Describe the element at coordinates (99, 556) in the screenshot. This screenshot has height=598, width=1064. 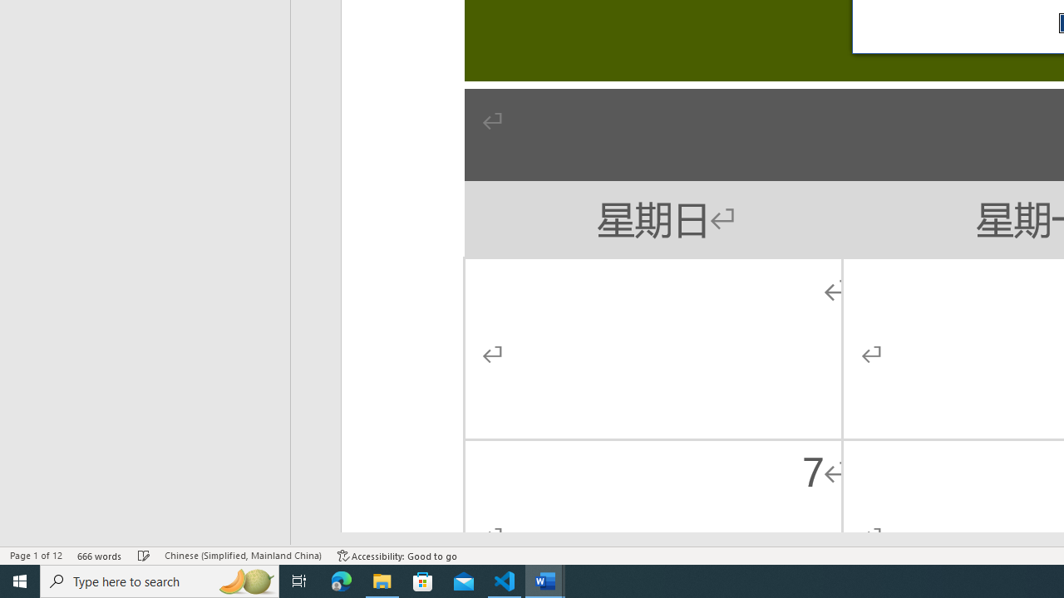
I see `'Word Count 666 words'` at that location.